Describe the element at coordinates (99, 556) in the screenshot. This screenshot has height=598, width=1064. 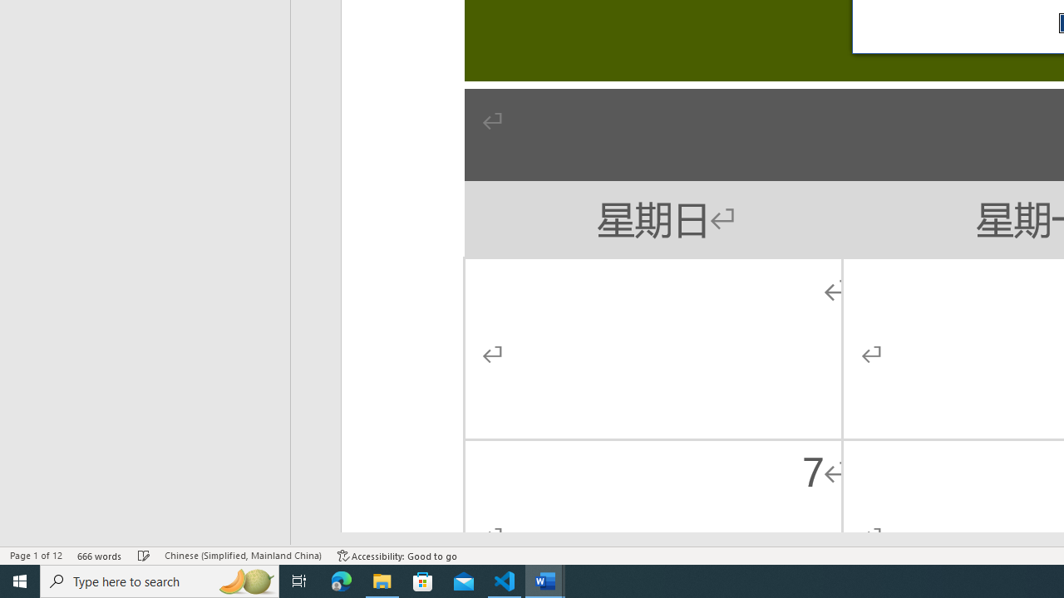
I see `'Word Count 666 words'` at that location.